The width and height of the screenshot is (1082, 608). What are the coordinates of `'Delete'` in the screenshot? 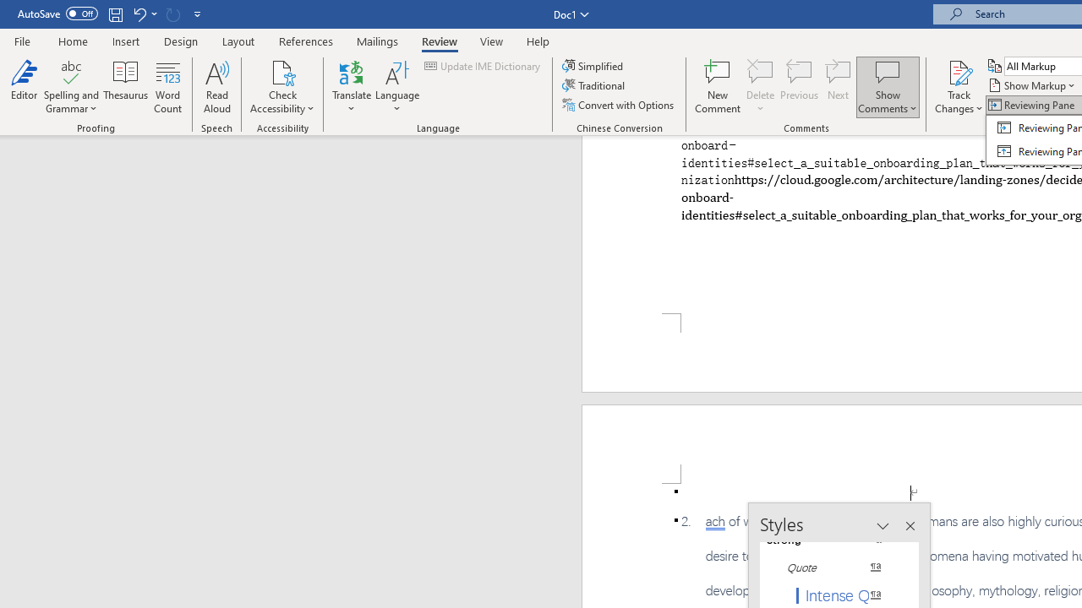 It's located at (760, 71).